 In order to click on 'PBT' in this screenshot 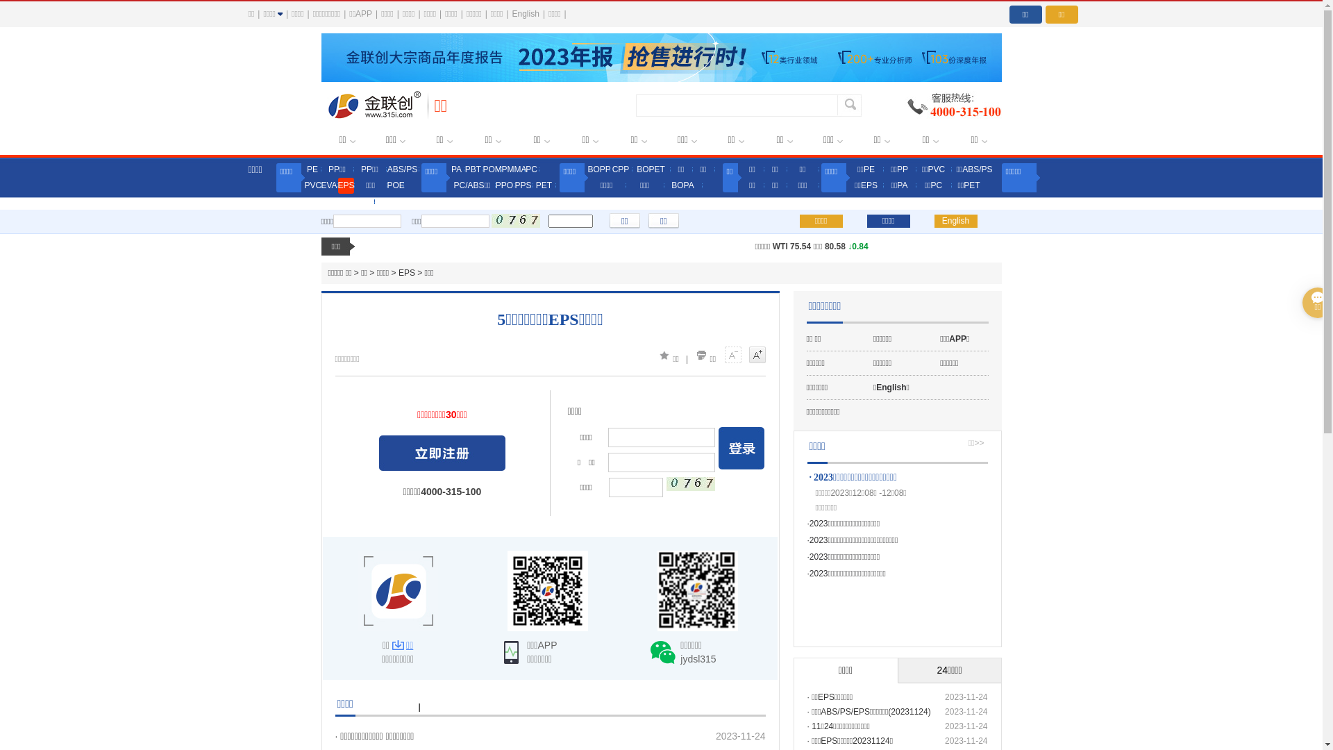, I will do `click(473, 169)`.